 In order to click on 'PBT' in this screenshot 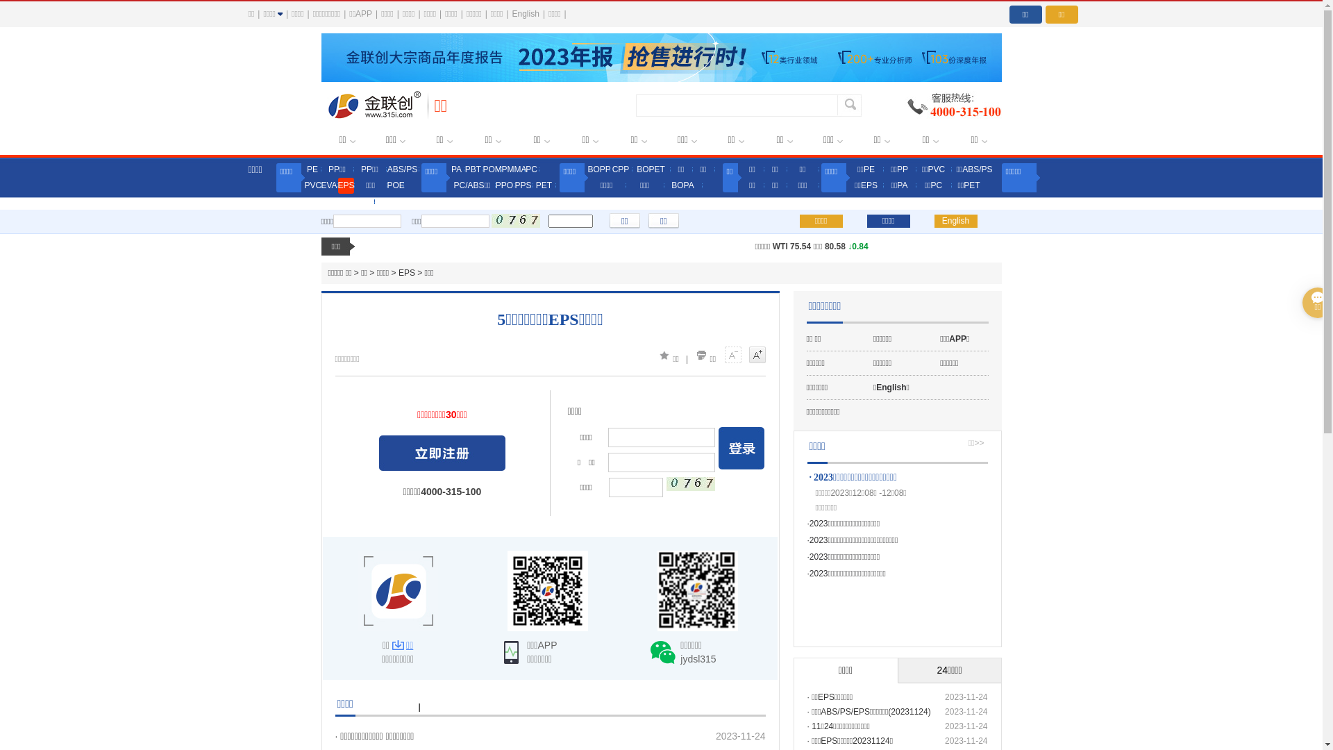, I will do `click(473, 169)`.